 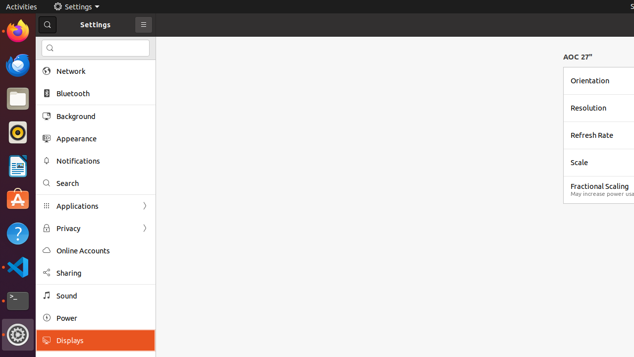 I want to click on 'Refresh Rate', so click(x=592, y=135).